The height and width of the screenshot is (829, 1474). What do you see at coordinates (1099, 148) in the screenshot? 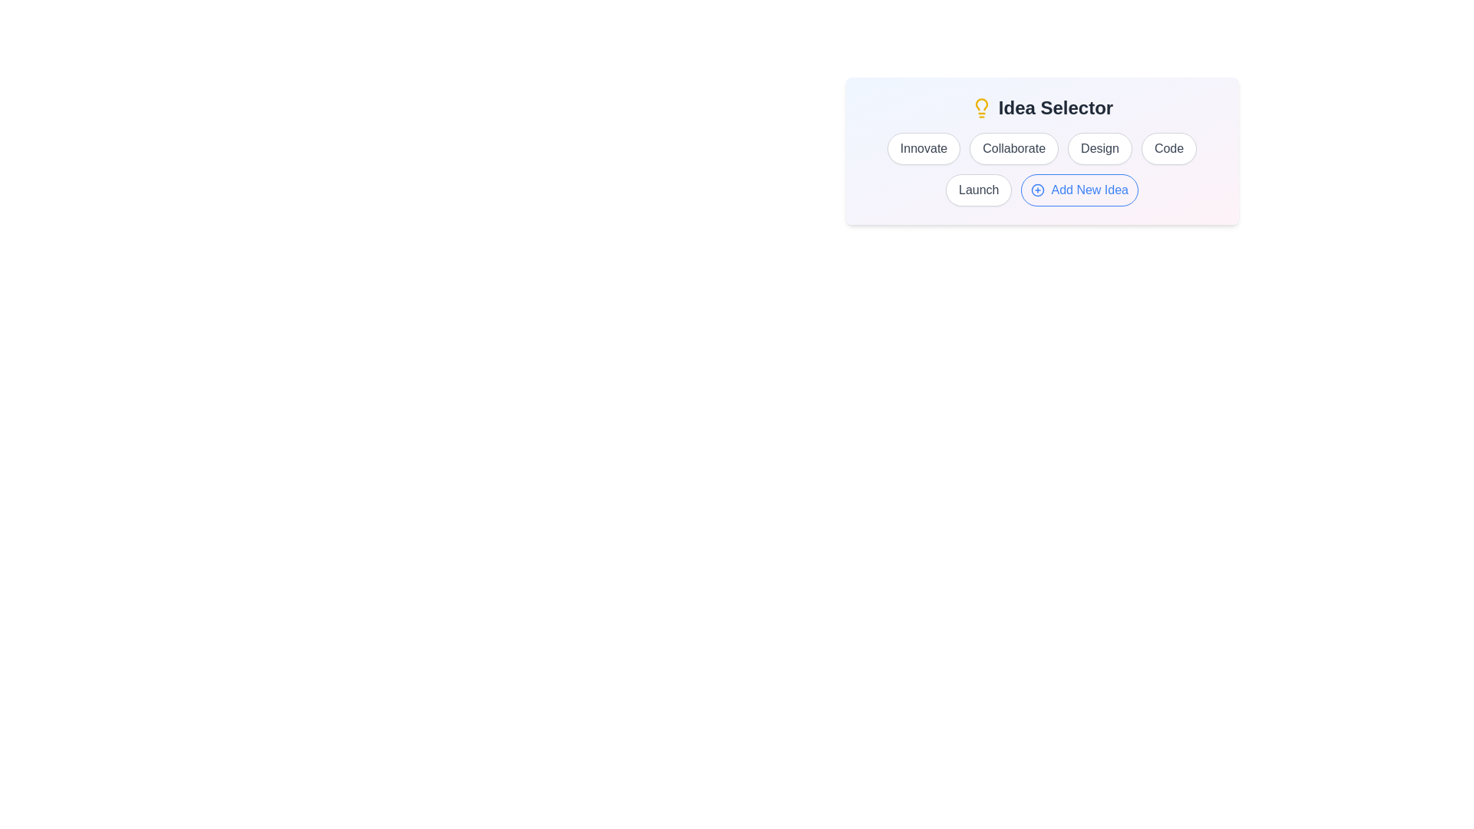
I see `the idea labeled Design to select it` at bounding box center [1099, 148].